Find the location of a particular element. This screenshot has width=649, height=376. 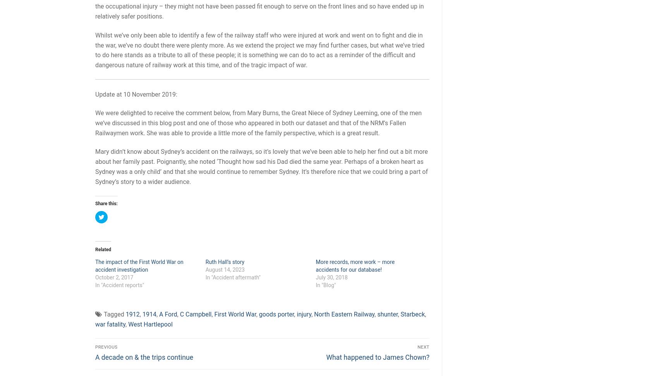

'Update at 10 November 2019:' is located at coordinates (136, 94).